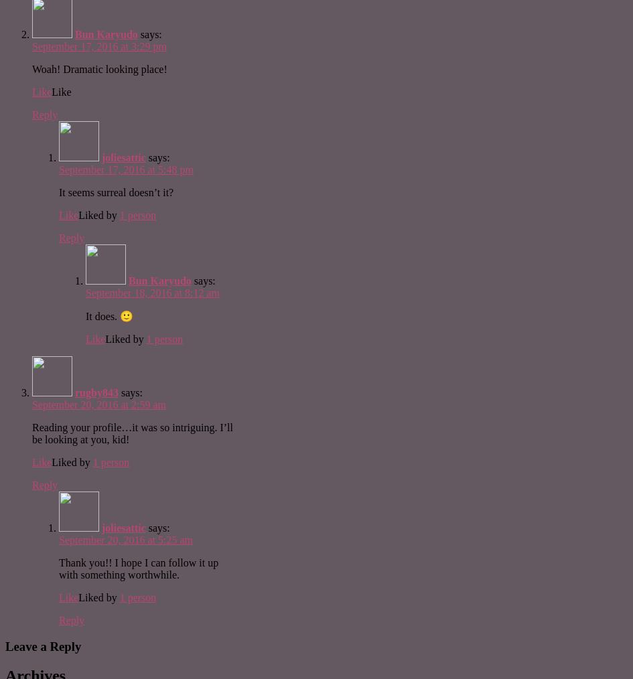 The width and height of the screenshot is (633, 679). What do you see at coordinates (43, 646) in the screenshot?
I see `'Leave a Reply'` at bounding box center [43, 646].